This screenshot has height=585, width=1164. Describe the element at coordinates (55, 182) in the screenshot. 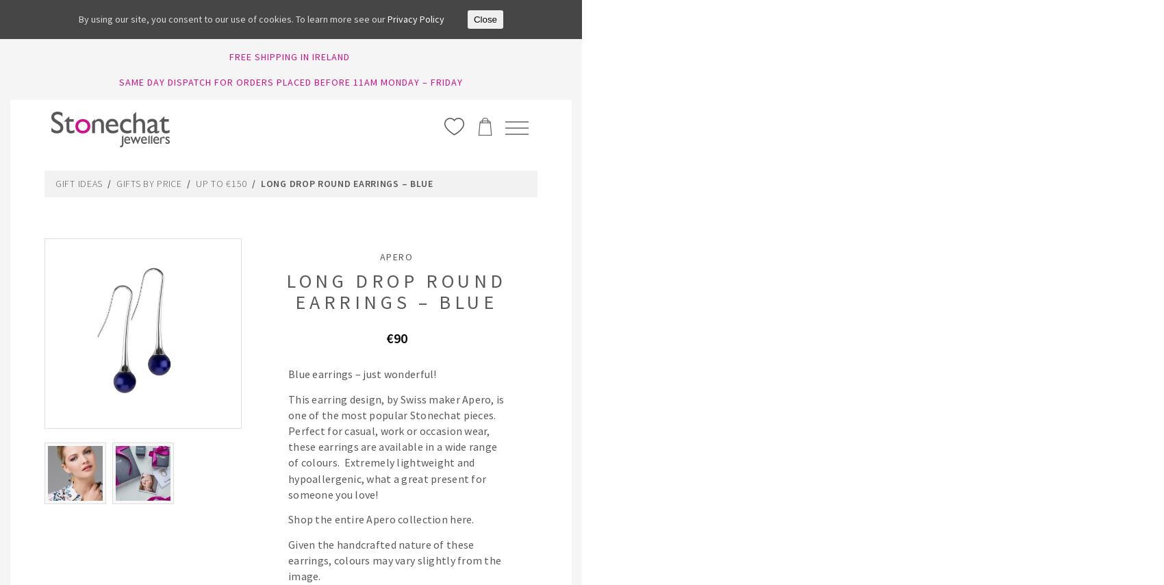

I see `'Gift Ideas'` at that location.